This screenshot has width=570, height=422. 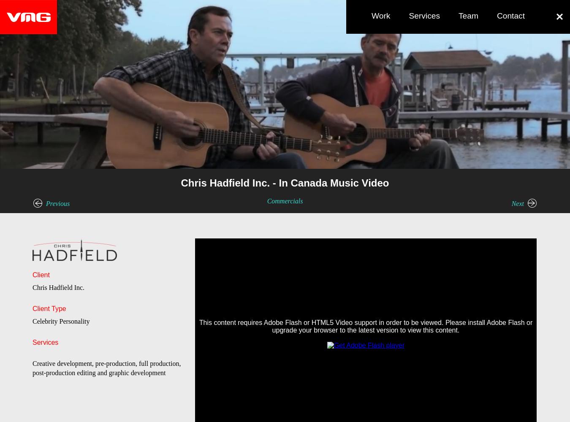 What do you see at coordinates (517, 203) in the screenshot?
I see `'Next'` at bounding box center [517, 203].